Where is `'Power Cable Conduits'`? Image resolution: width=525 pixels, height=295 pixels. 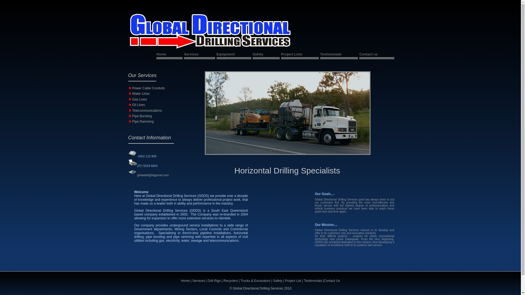 'Power Cable Conduits' is located at coordinates (148, 88).